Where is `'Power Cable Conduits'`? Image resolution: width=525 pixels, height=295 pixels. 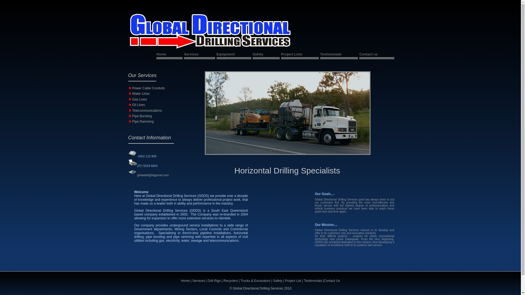 'Power Cable Conduits' is located at coordinates (148, 88).